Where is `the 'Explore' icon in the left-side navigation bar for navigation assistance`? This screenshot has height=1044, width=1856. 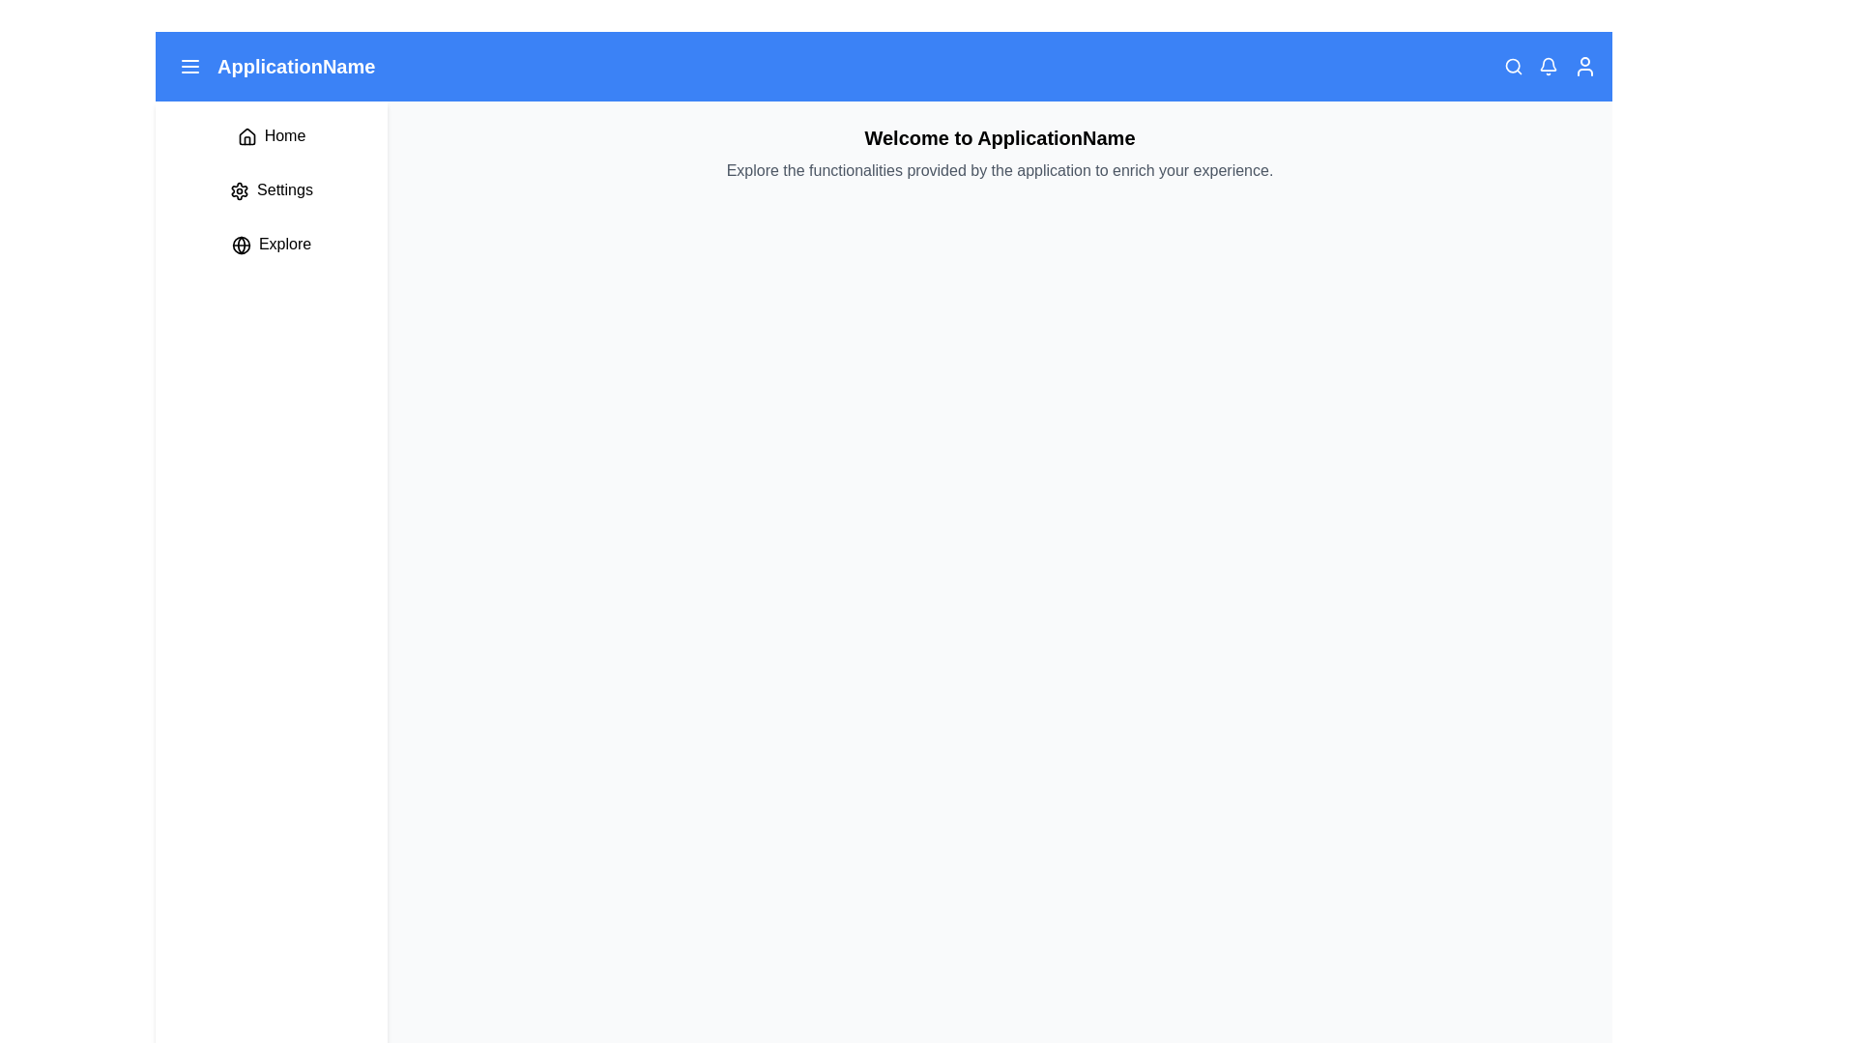
the 'Explore' icon in the left-side navigation bar for navigation assistance is located at coordinates (240, 244).